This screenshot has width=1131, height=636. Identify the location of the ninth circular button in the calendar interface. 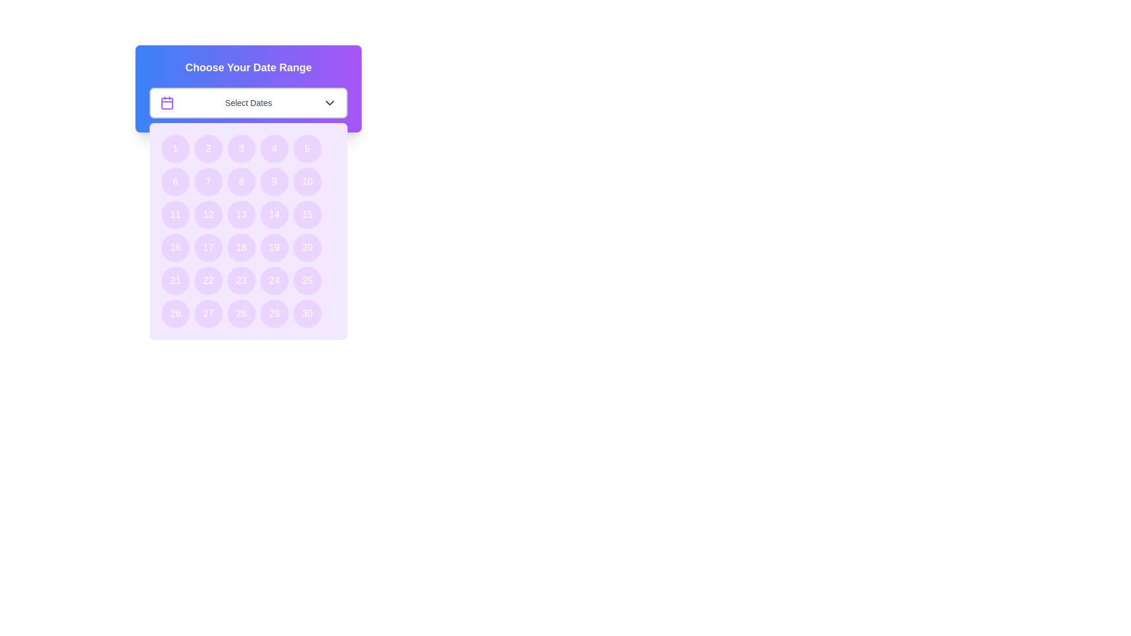
(273, 181).